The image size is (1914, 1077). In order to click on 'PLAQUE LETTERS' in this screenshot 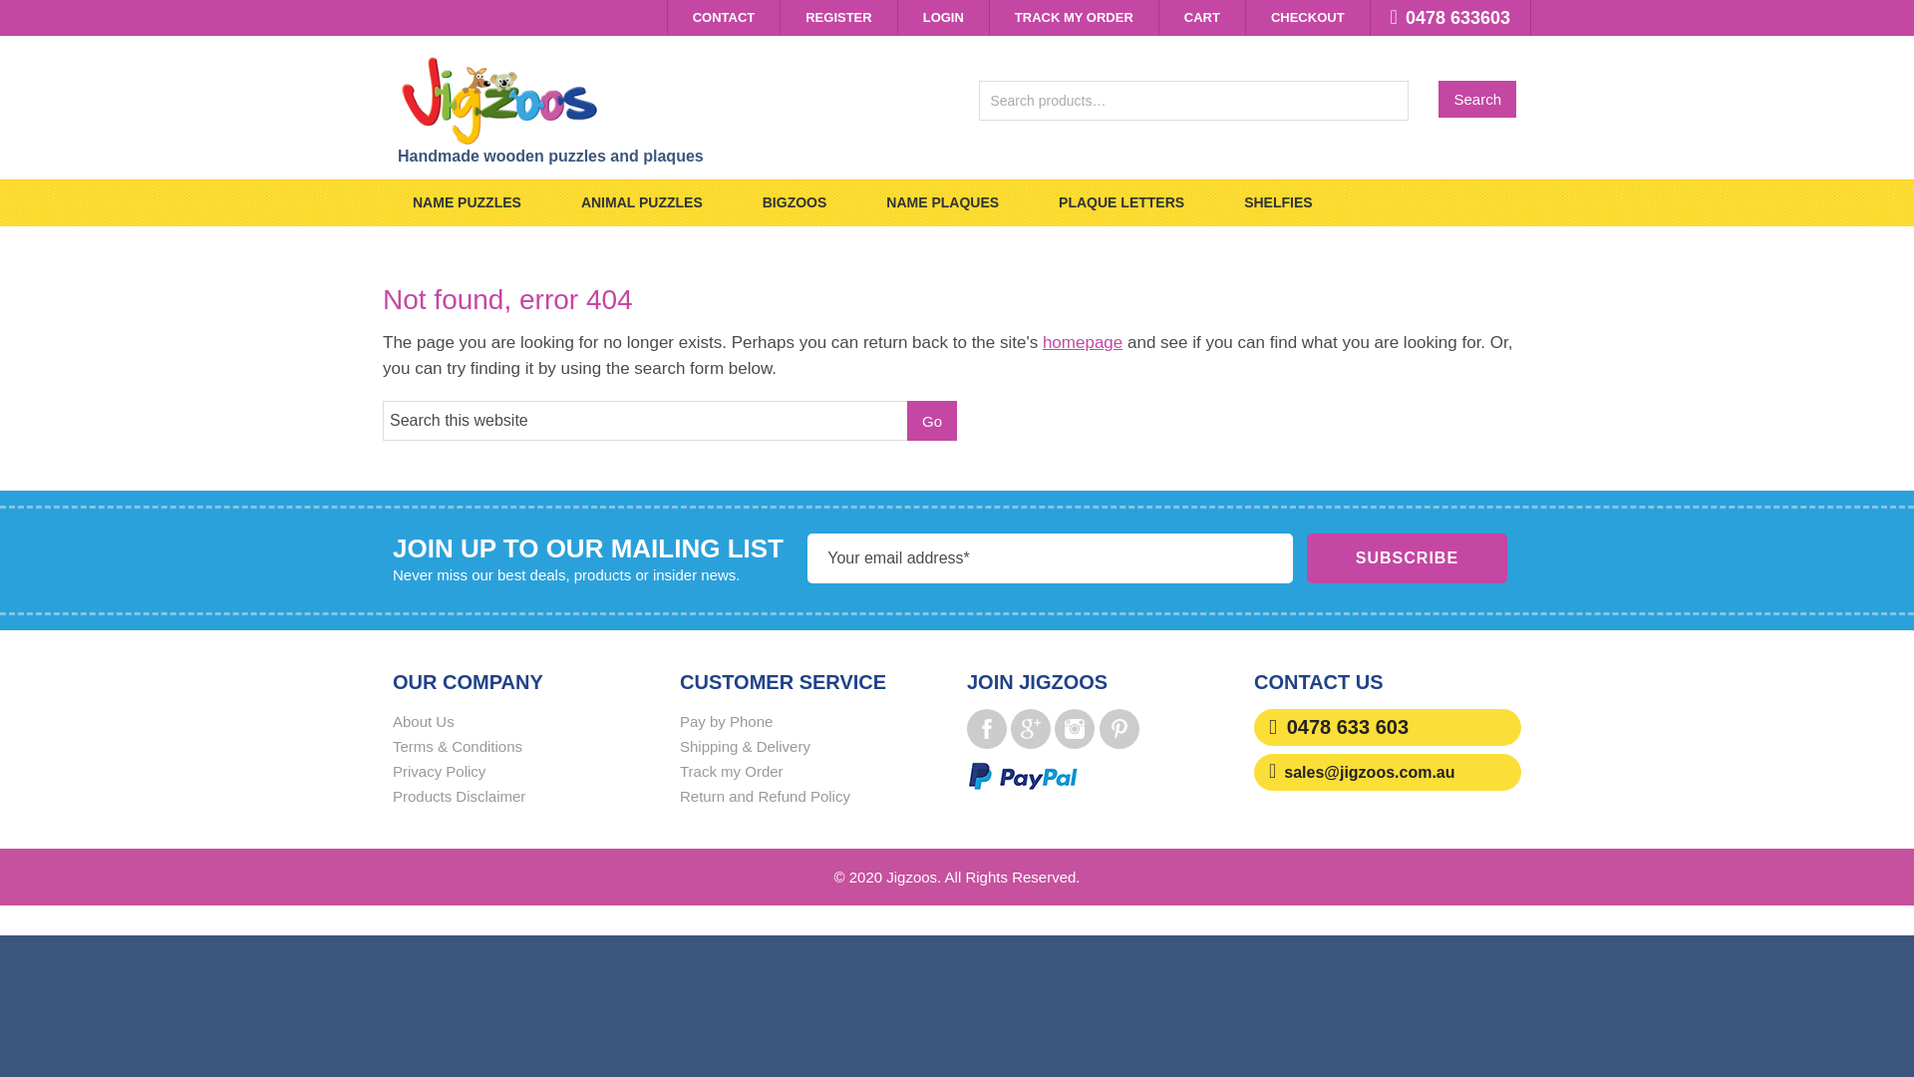, I will do `click(1120, 202)`.